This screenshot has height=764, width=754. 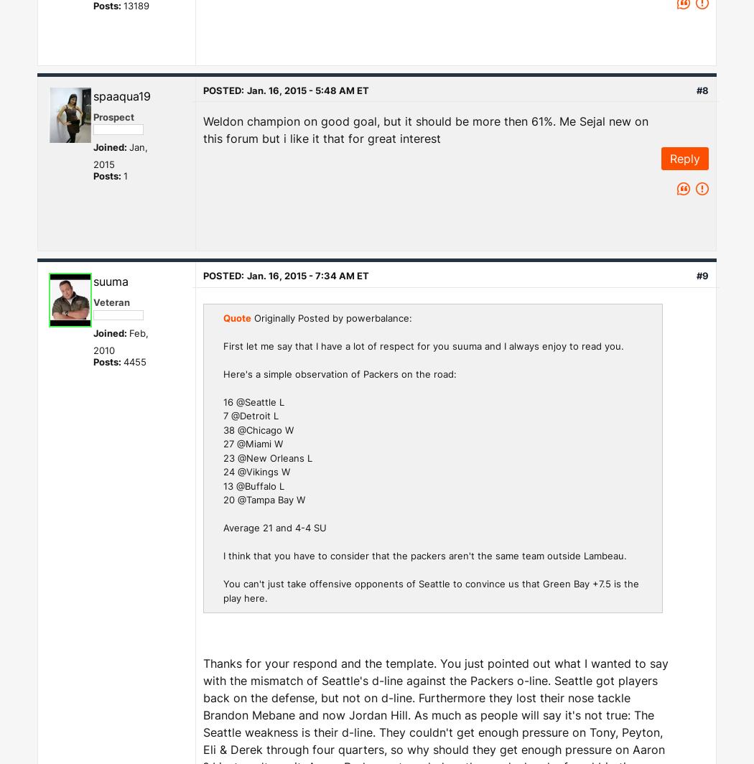 I want to click on 'Here's a simple observation of Packers on the road:', so click(x=340, y=373).